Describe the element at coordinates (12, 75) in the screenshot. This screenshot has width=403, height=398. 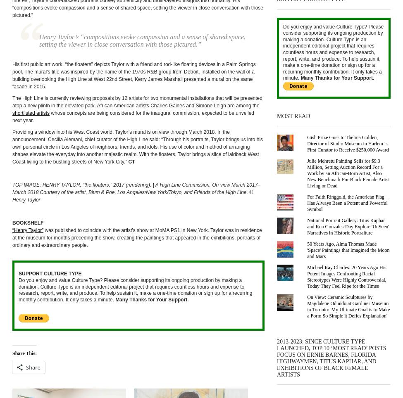
I see `'His first public art work, “the floaters” depicts Taylor with a friend and rod-like floating devices in a Palm Springs pool. The mural’s title was inspired by the name of the 1970s R&B group from Detroit. Installed on the wall of a building overlooking the High Line at West 22nd Street, Kerry James Marshall presented a mural on the same facade in 2015.'` at that location.